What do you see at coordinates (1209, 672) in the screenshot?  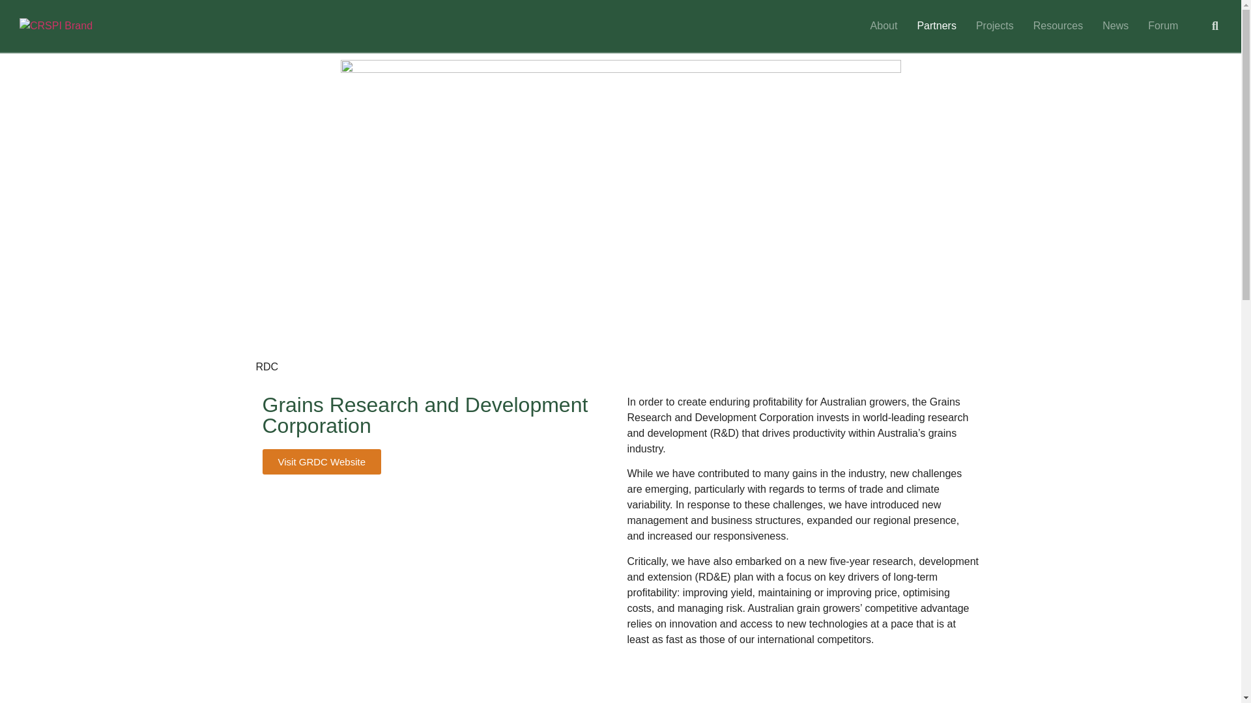 I see `'Top'` at bounding box center [1209, 672].